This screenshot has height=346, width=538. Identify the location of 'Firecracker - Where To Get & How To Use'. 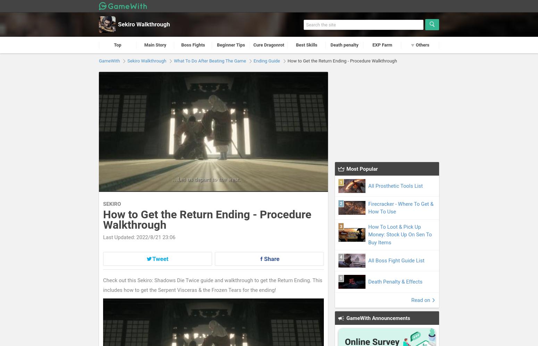
(401, 207).